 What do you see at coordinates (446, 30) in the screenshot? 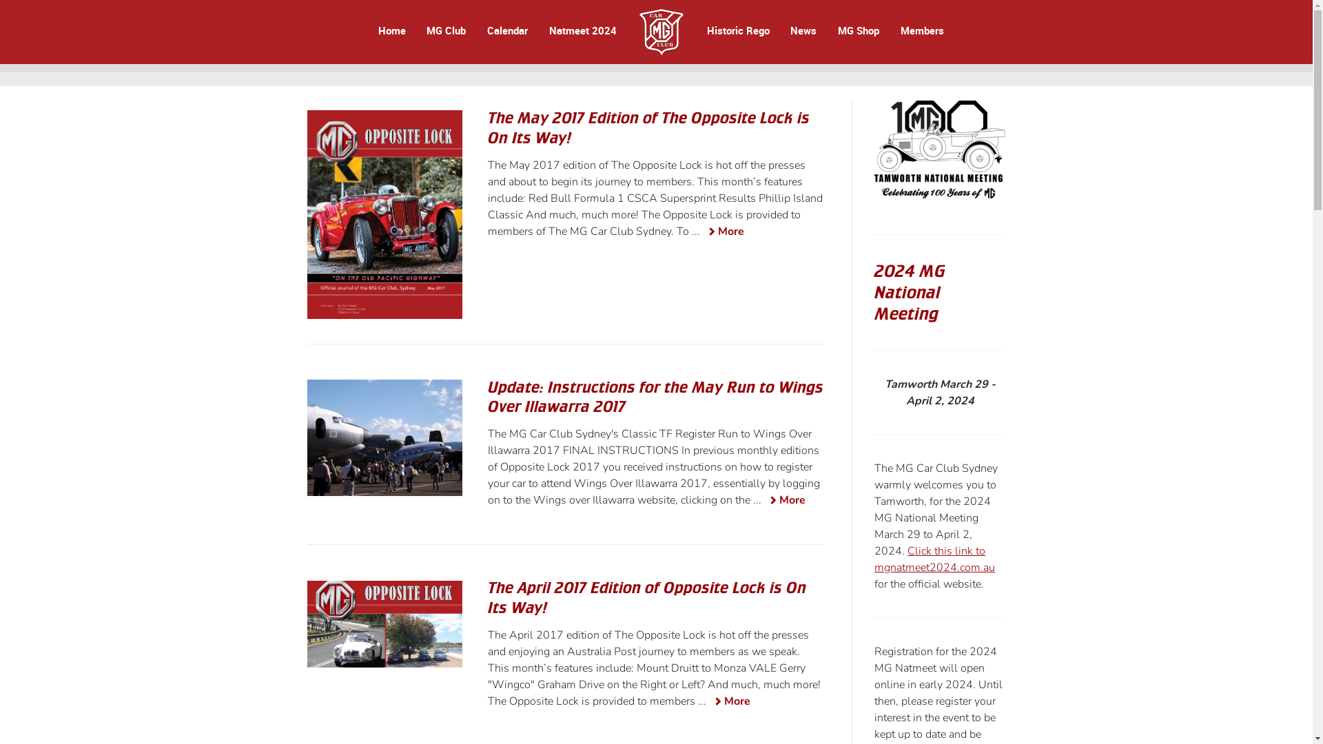
I see `'MG Club'` at bounding box center [446, 30].